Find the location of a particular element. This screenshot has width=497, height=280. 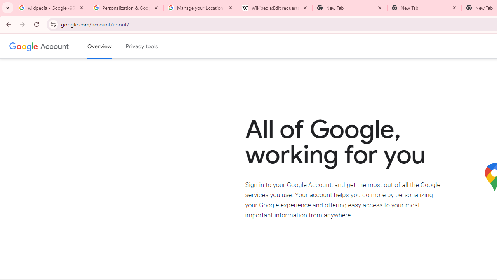

'Personalization & Google Search results - Google Search Help' is located at coordinates (126, 8).